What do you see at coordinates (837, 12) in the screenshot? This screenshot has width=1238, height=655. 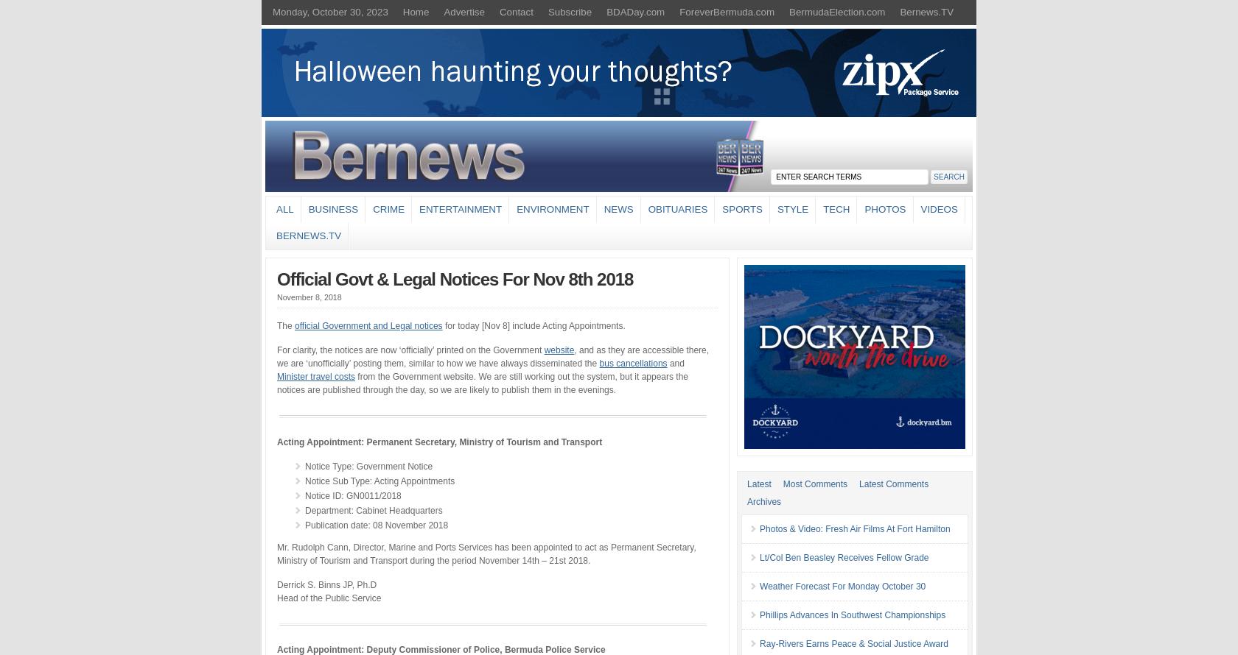 I see `'BermudaElection.com'` at bounding box center [837, 12].